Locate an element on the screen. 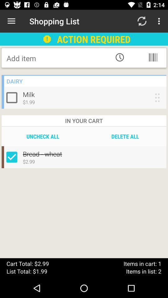  the uncheck all is located at coordinates (42, 136).